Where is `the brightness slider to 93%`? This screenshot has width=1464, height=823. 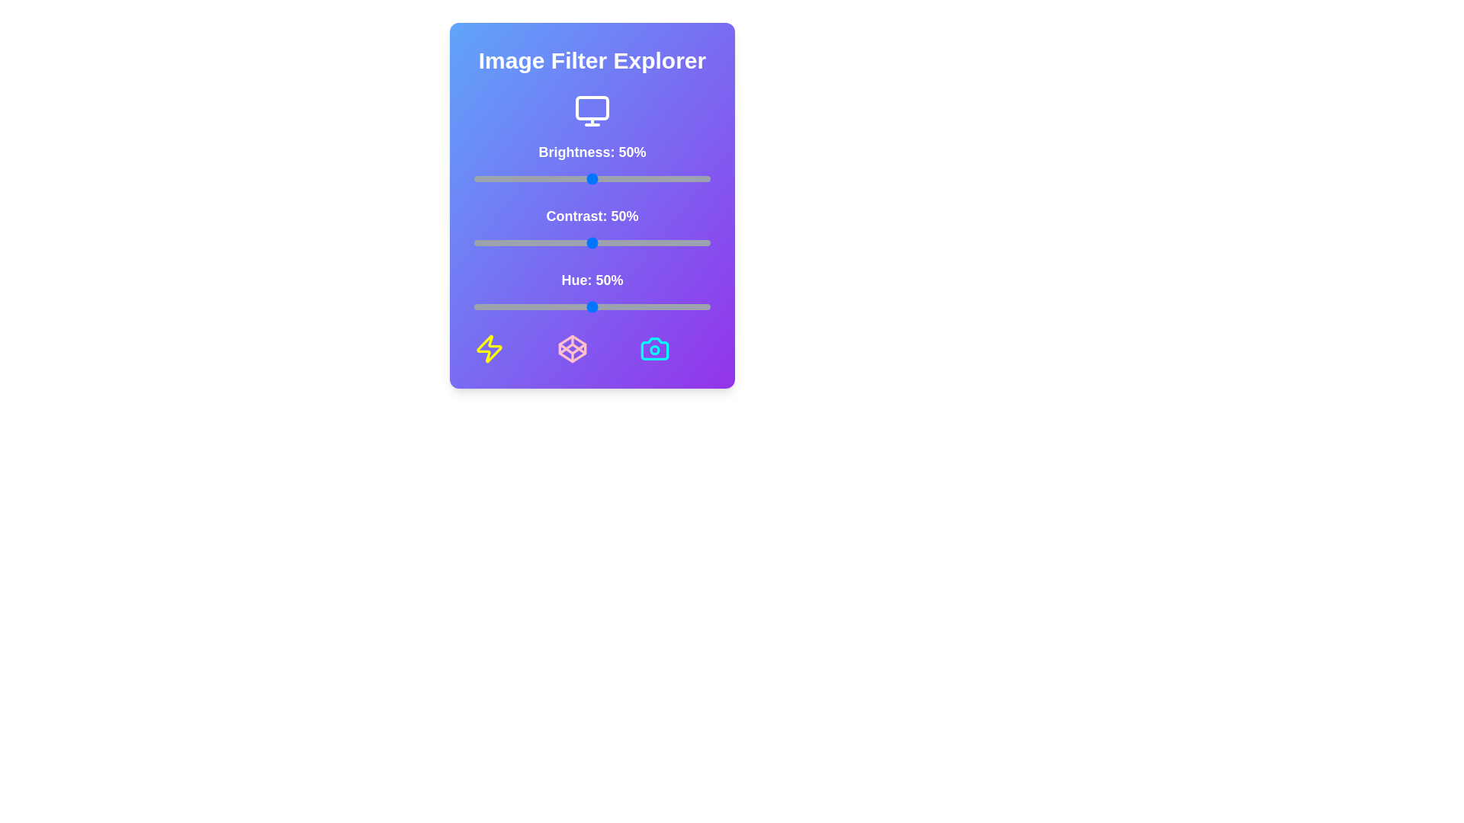 the brightness slider to 93% is located at coordinates (693, 178).